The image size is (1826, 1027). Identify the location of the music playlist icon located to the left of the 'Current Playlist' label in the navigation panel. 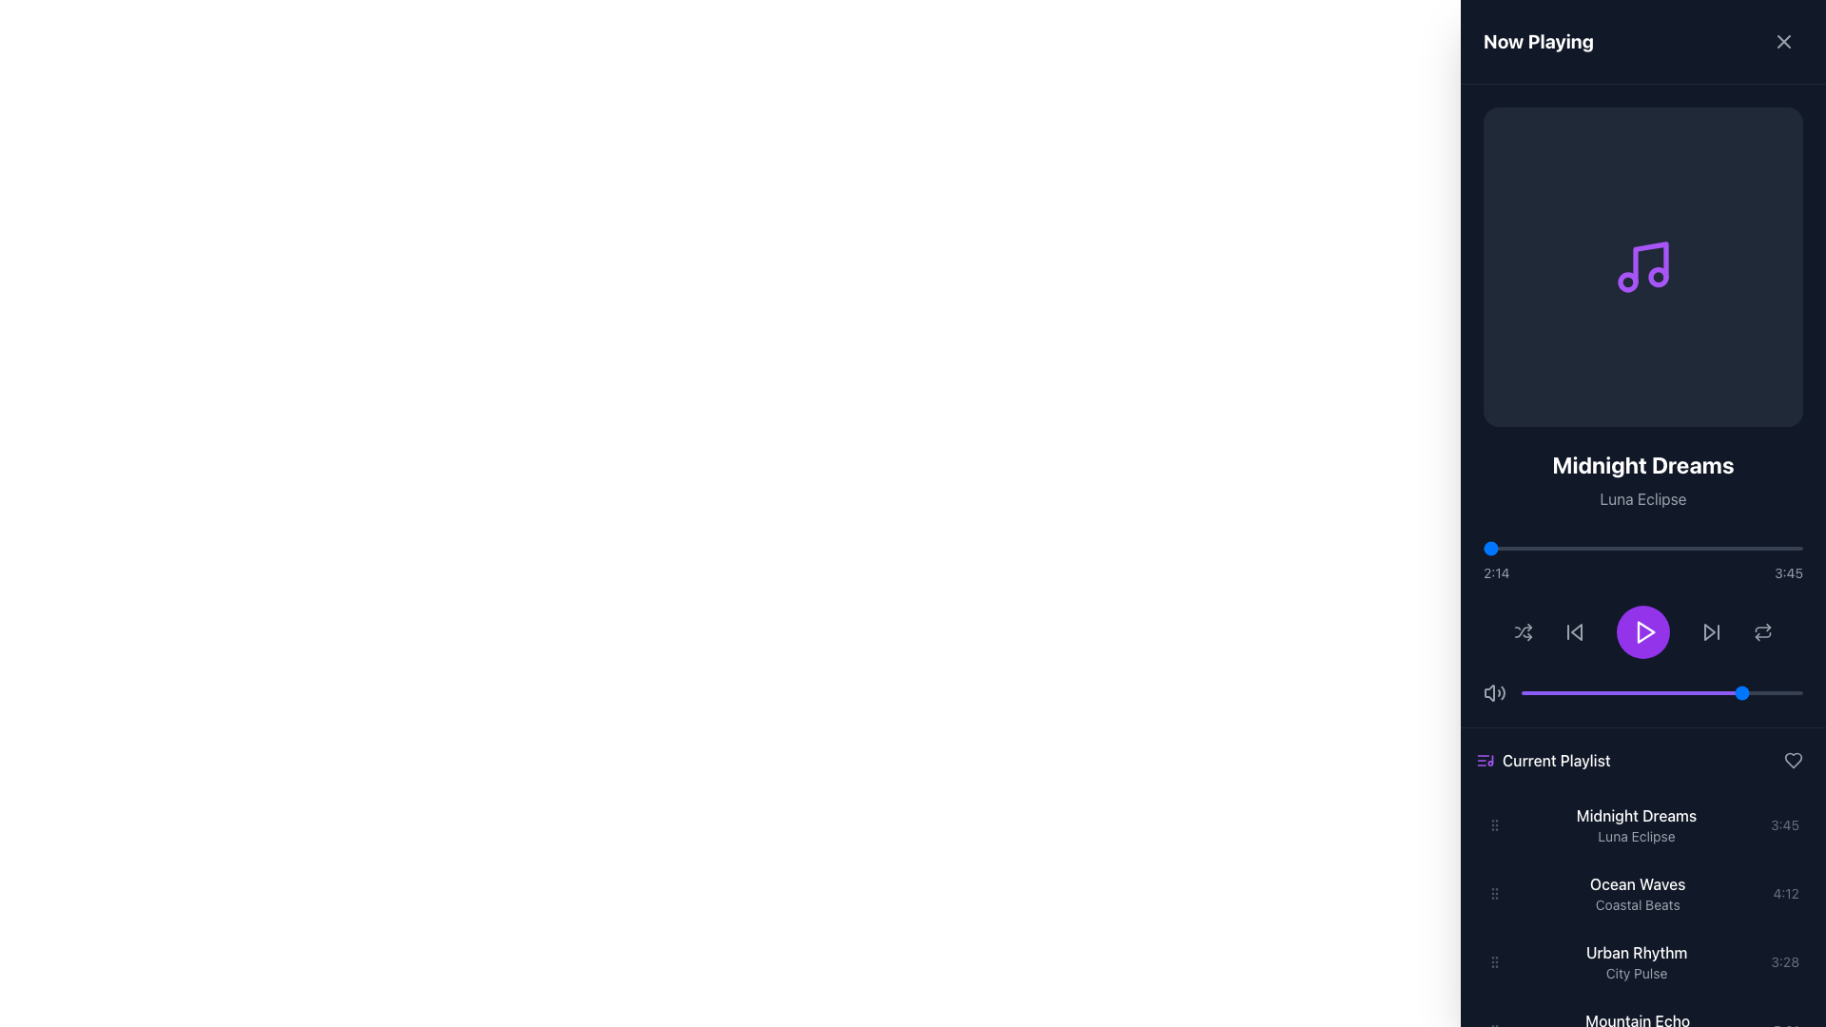
(1484, 759).